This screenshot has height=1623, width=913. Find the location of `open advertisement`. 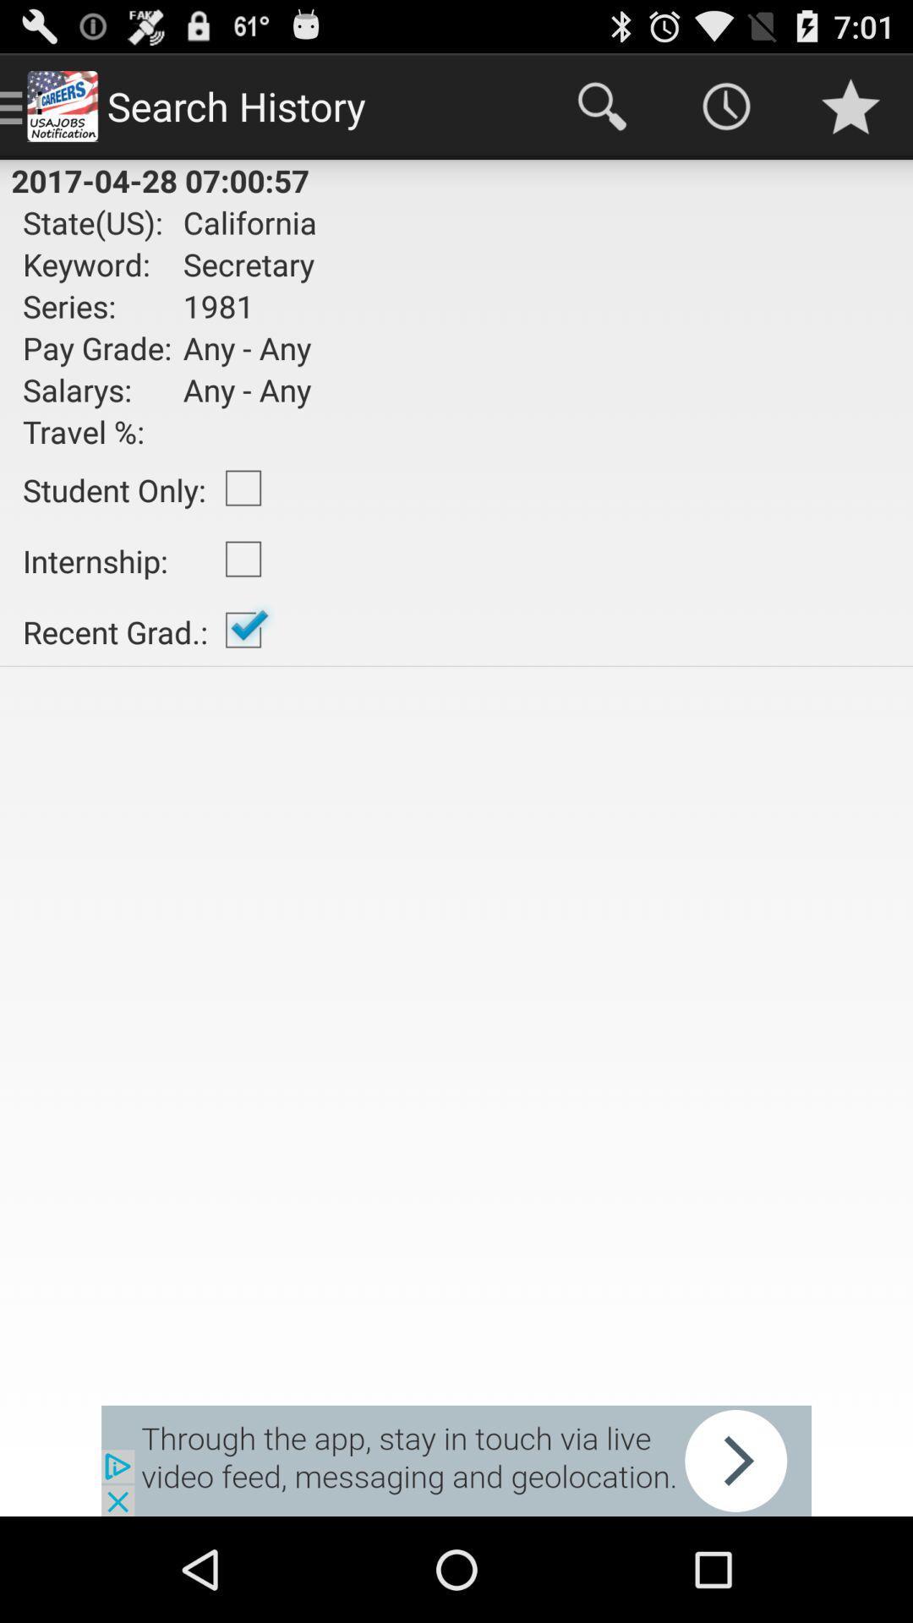

open advertisement is located at coordinates (456, 1460).